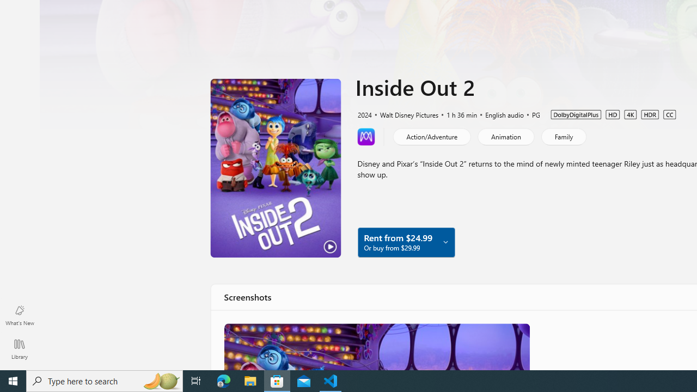 Image resolution: width=697 pixels, height=392 pixels. I want to click on 'English audio', so click(499, 114).